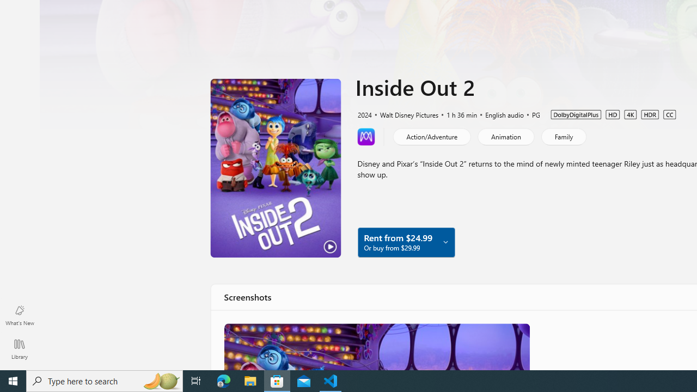 Image resolution: width=697 pixels, height=392 pixels. I want to click on 'English audio', so click(499, 114).